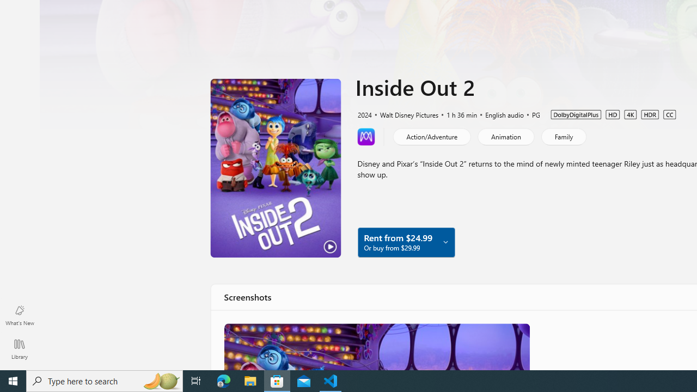 Image resolution: width=697 pixels, height=392 pixels. I want to click on 'English audio', so click(499, 114).